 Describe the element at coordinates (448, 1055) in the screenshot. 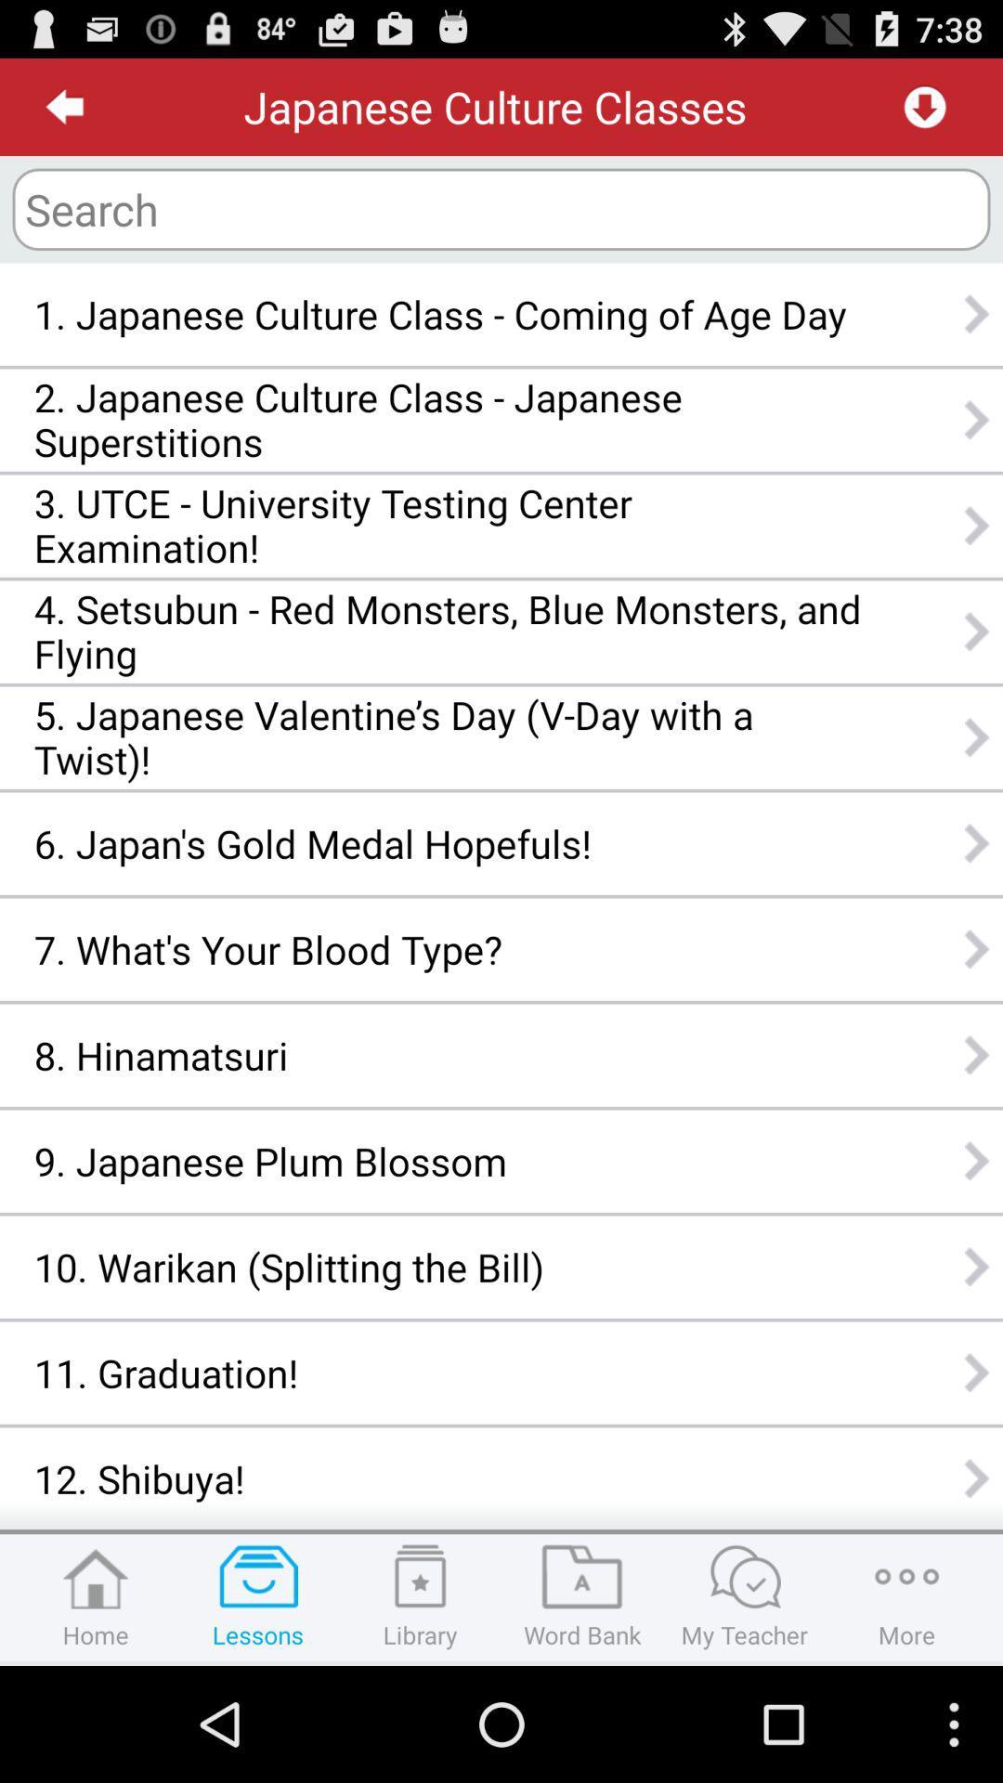

I see `the 8. hinamatsuri item` at that location.